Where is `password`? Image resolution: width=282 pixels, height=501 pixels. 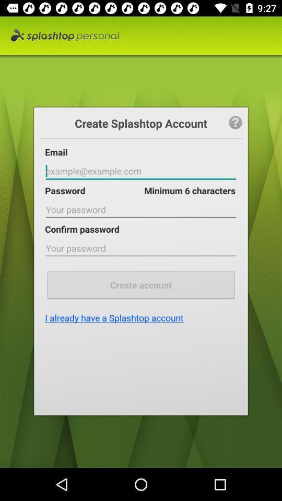
password is located at coordinates (141, 248).